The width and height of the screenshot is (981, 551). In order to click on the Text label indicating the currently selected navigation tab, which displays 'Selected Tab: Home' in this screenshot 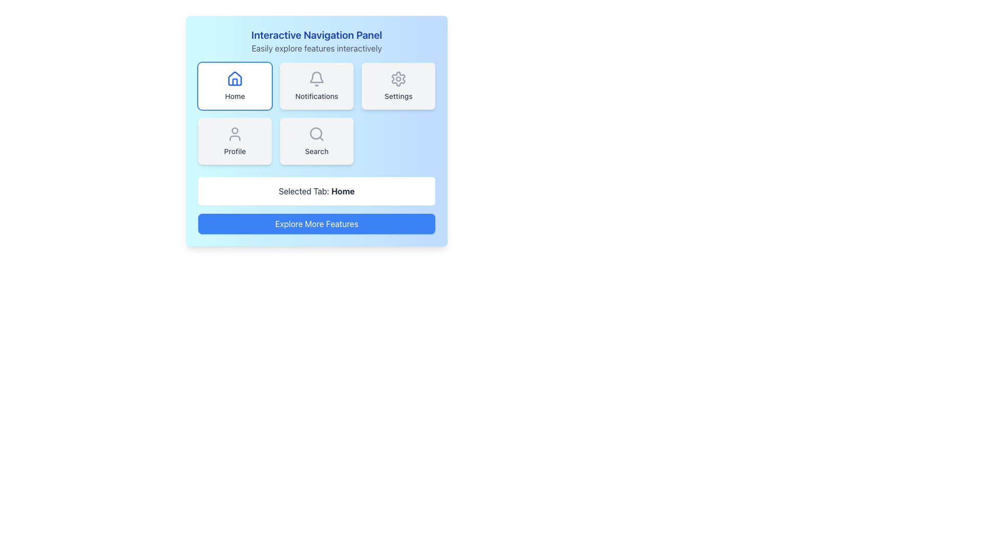, I will do `click(316, 191)`.